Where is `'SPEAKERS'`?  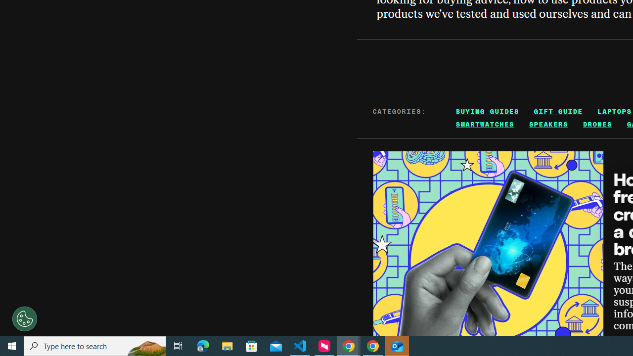 'SPEAKERS' is located at coordinates (548, 124).